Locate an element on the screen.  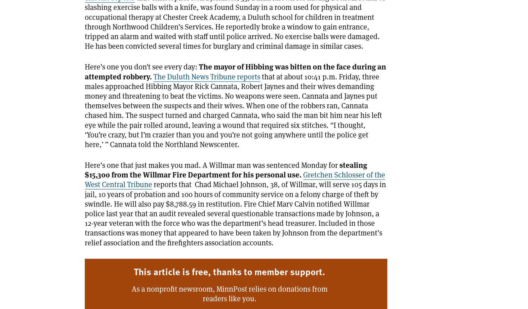
'As a nonprofit newsroom, MinnPost relies on donations from readers like you.' is located at coordinates (229, 293).